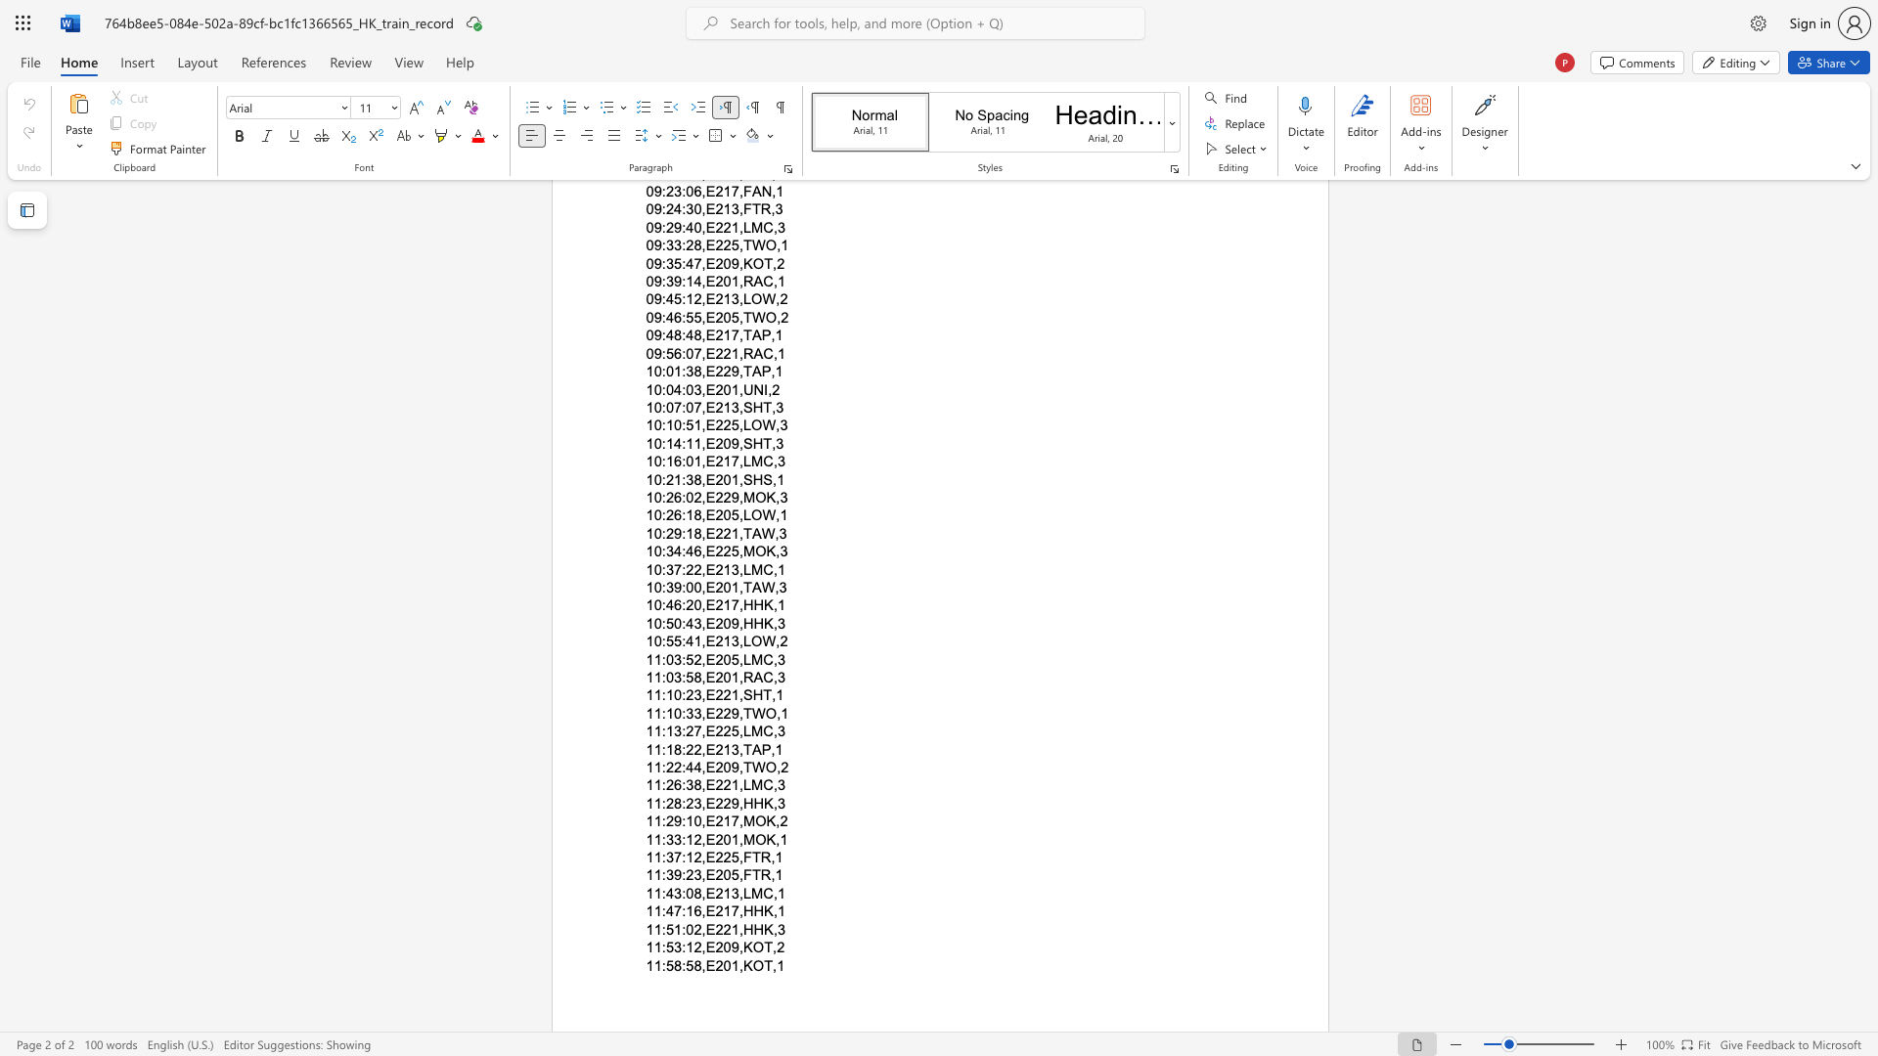 The image size is (1878, 1056). What do you see at coordinates (722, 694) in the screenshot?
I see `the subset text "21," within the text "11:10:23,E221,SHT,1"` at bounding box center [722, 694].